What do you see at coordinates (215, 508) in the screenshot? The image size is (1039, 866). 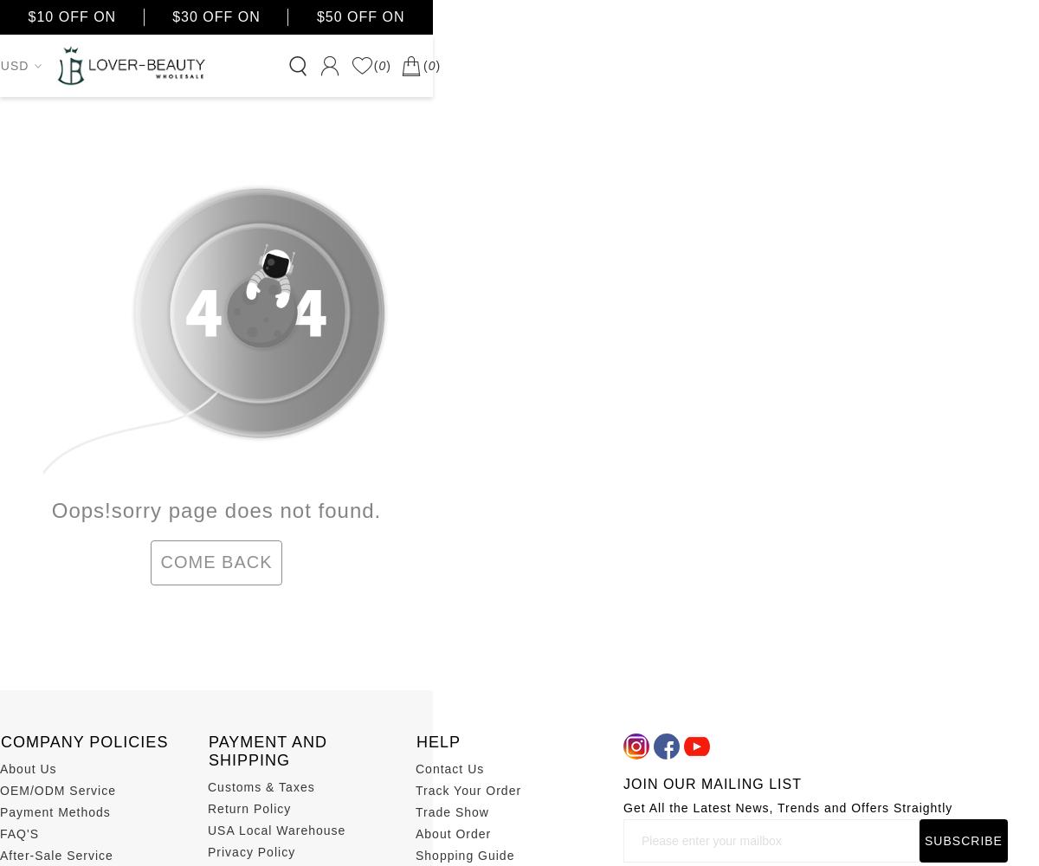 I see `'Oops!sorry page does not found.'` at bounding box center [215, 508].